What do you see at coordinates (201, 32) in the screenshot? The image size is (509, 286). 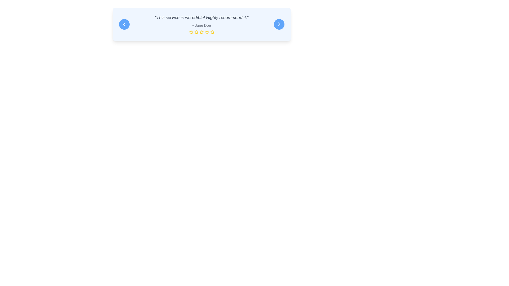 I see `the fourth star icon in the visual rating system` at bounding box center [201, 32].